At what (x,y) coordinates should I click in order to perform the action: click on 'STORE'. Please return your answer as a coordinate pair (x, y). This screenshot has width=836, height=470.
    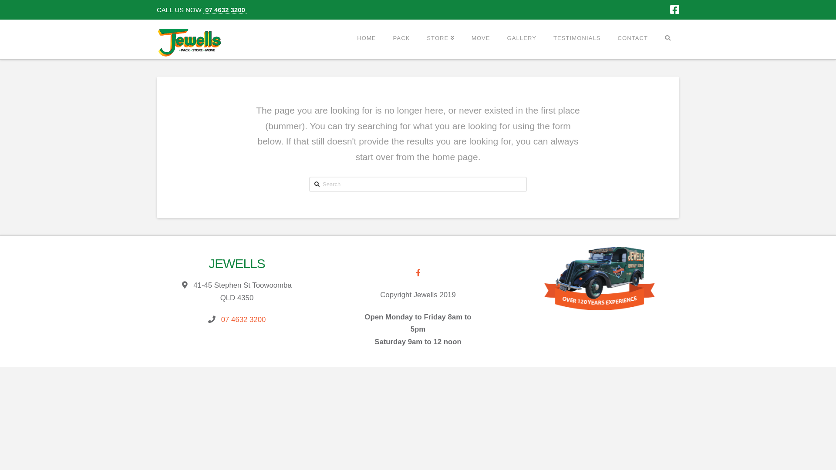
    Looking at the image, I should click on (440, 37).